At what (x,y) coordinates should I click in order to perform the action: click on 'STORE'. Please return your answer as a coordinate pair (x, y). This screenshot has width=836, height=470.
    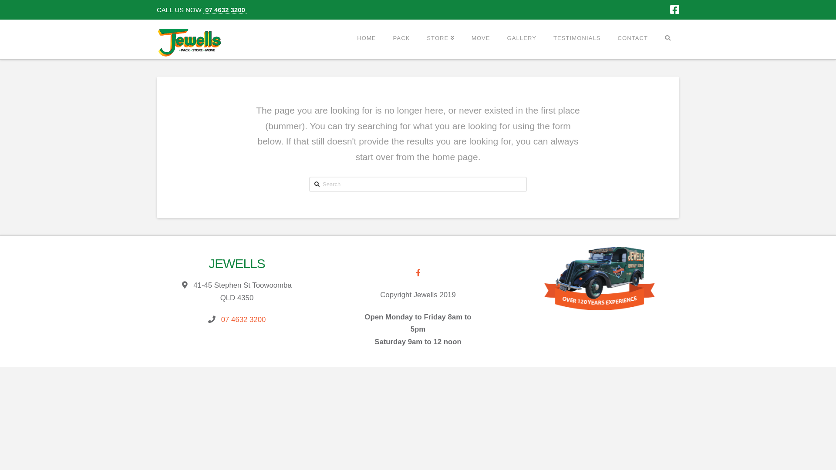
    Looking at the image, I should click on (440, 37).